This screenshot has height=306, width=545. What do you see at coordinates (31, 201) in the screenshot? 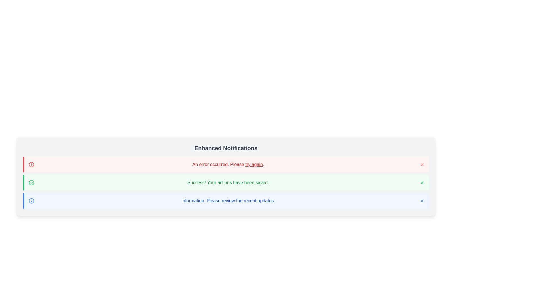
I see `the informational icon located at the far left of the third notification card that displays the text 'Information: Please review the recent updates.'` at bounding box center [31, 201].